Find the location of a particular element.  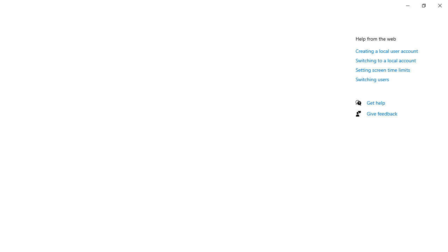

'Switching to a local account' is located at coordinates (385, 60).